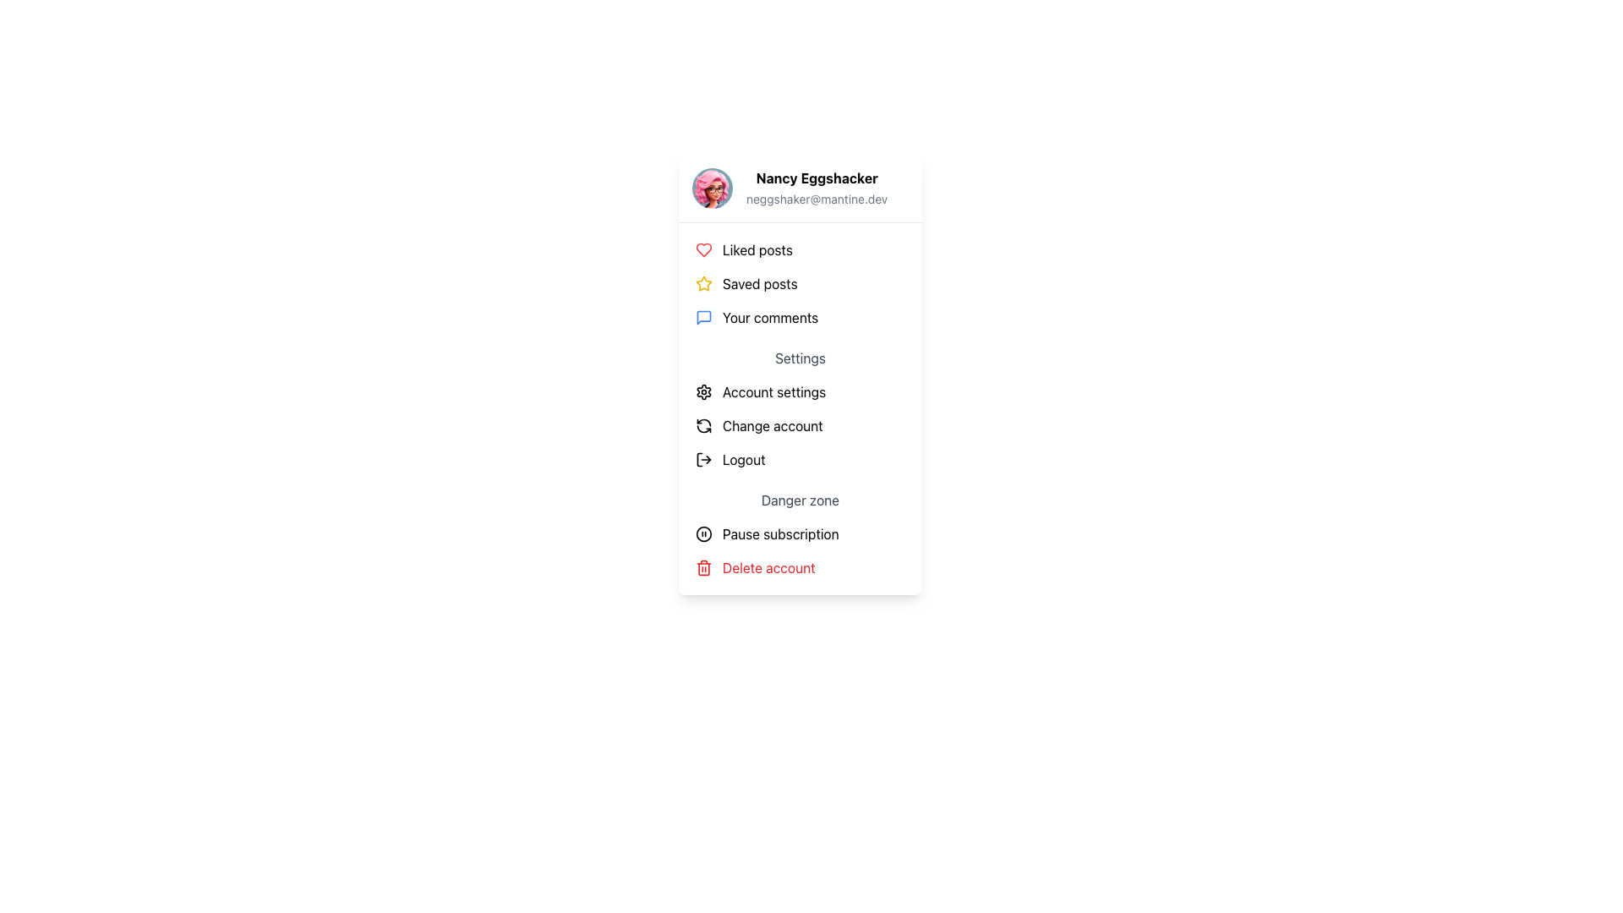  What do you see at coordinates (704, 282) in the screenshot?
I see `the yellow star icon representing saved or favorite items, located to the left of the 'Saved posts' label in the second option of the vertically-stacked menu` at bounding box center [704, 282].